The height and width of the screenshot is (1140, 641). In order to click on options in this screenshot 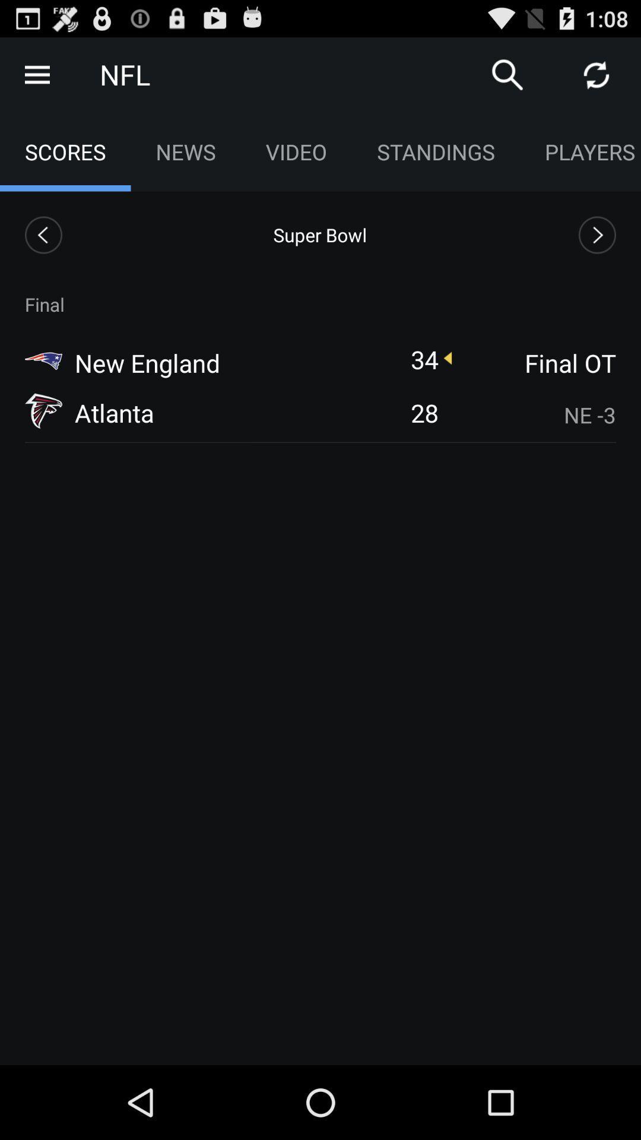, I will do `click(36, 74)`.